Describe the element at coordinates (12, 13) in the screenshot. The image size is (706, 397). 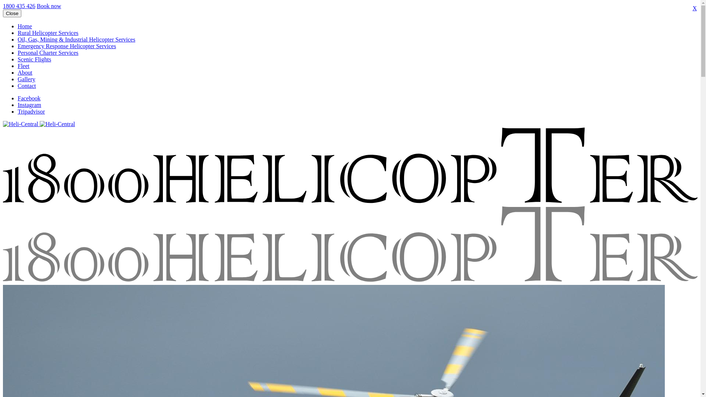
I see `'Close'` at that location.